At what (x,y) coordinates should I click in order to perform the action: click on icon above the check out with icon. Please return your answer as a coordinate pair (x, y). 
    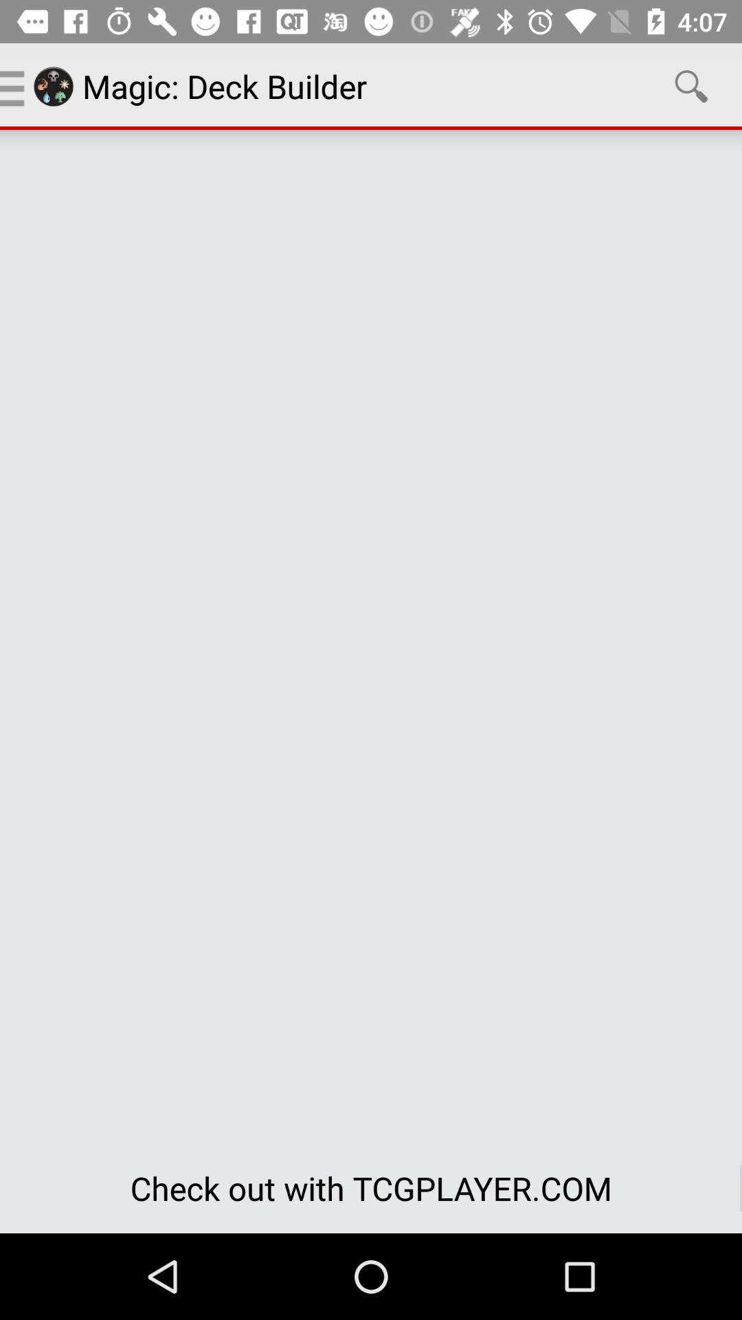
    Looking at the image, I should click on (691, 85).